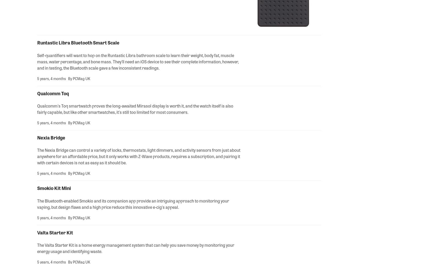  What do you see at coordinates (78, 42) in the screenshot?
I see `'Runtastic Libra Bluetooth Smart Scale'` at bounding box center [78, 42].